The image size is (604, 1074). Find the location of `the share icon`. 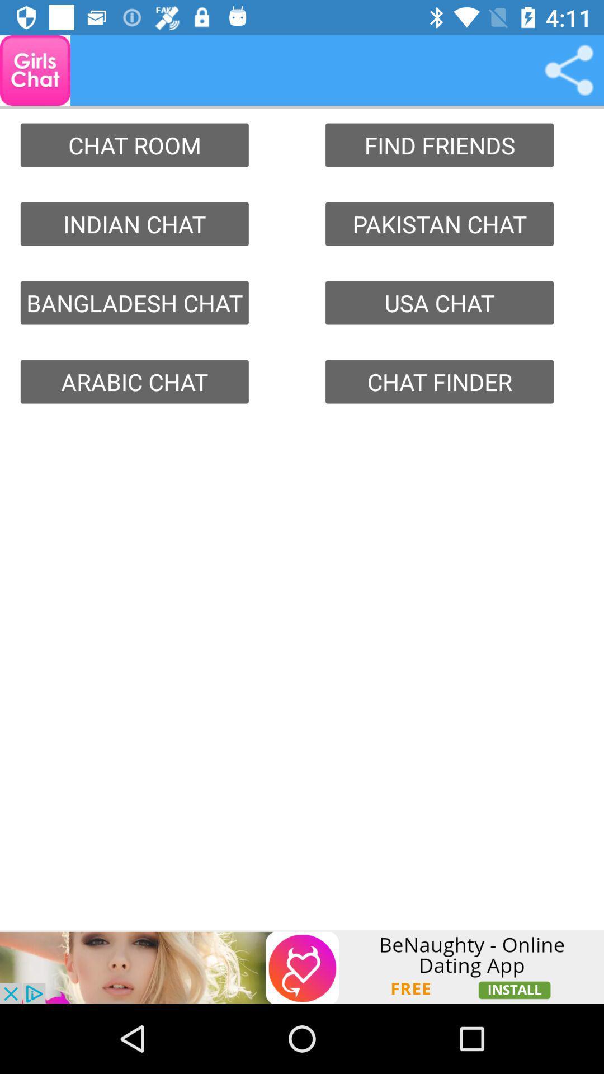

the share icon is located at coordinates (569, 69).